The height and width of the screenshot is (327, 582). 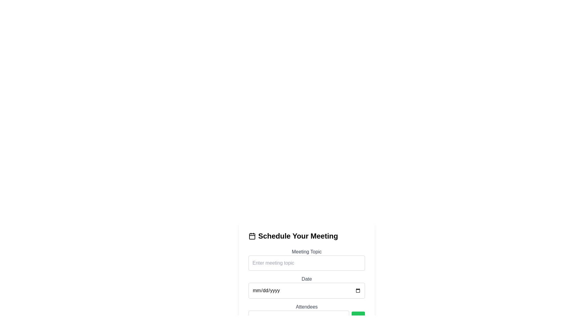 I want to click on the static text label indicating the purpose of the input fields for adding attendees, located in the 'Schedule Your Meeting' section, so click(x=307, y=307).